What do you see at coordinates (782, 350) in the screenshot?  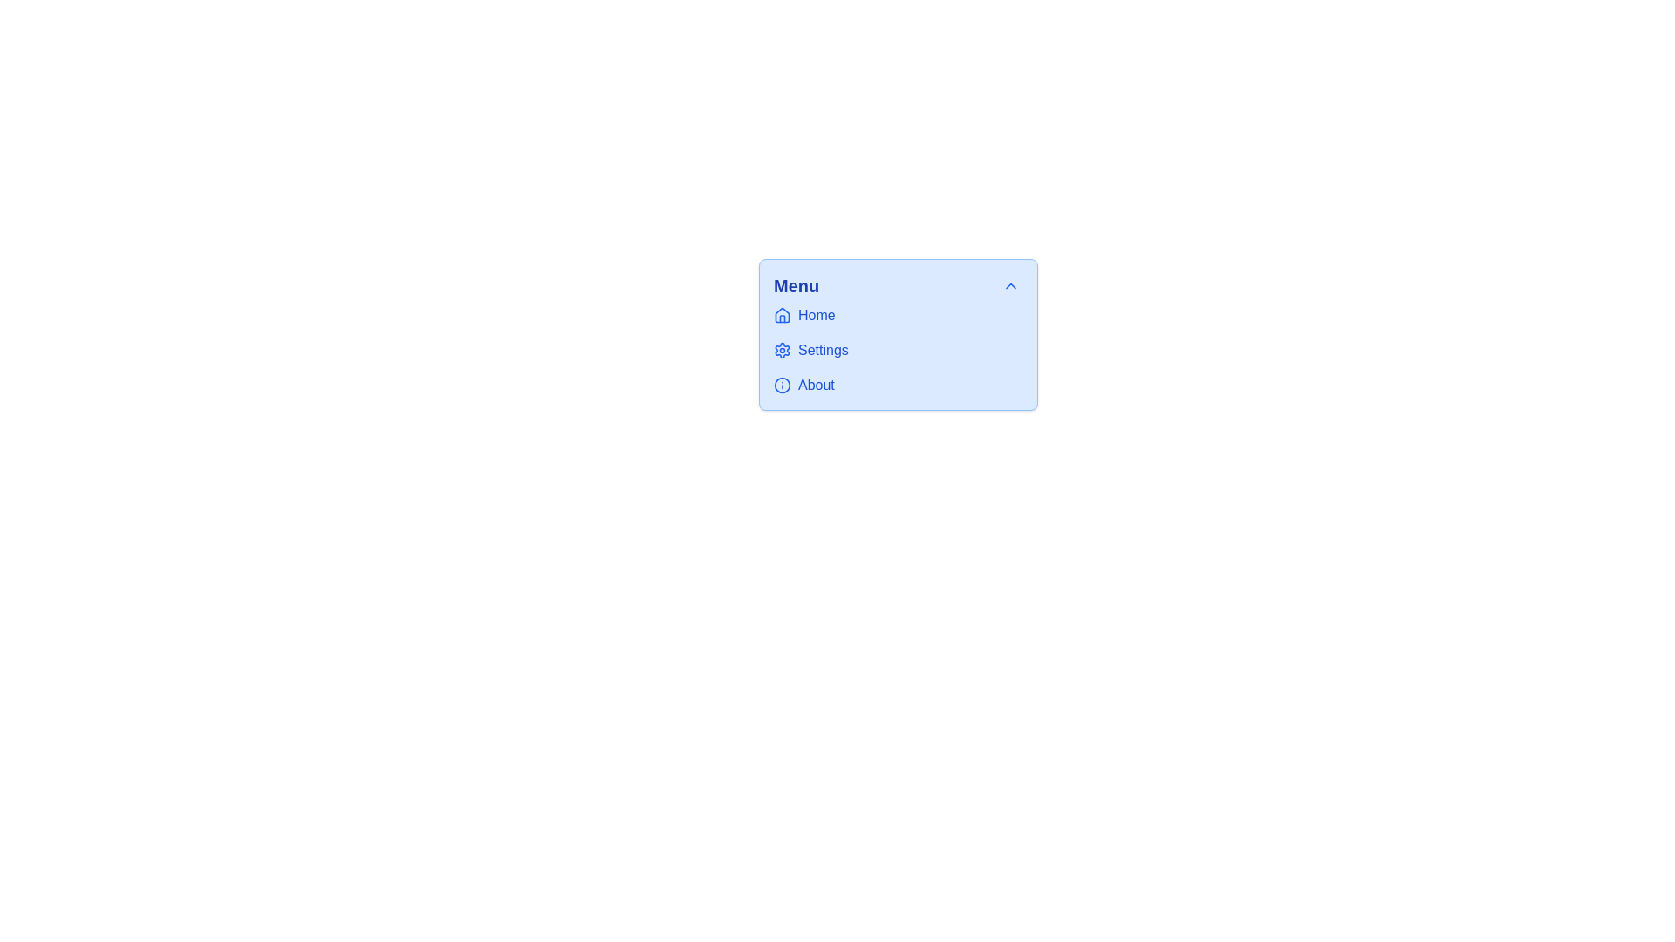 I see `the settings icon styled as a cogwheel with a blue outline, located in the middle of the menu panel, to the left of the text 'Settings'` at bounding box center [782, 350].